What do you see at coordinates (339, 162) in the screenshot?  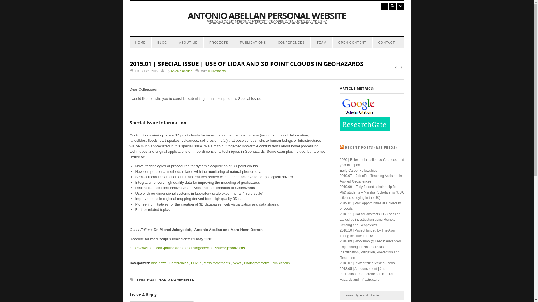 I see `'2020 | Relevant landslide conferences next year in Japan'` at bounding box center [339, 162].